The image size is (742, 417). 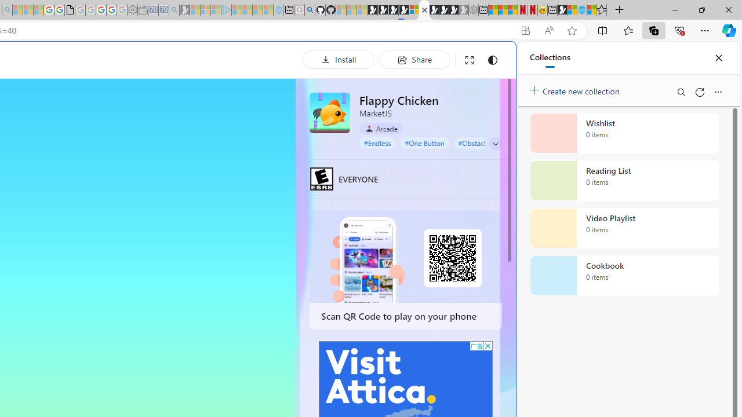 What do you see at coordinates (173, 10) in the screenshot?
I see `'Bing Real Estate - Home sales and rental listings - Sleeping'` at bounding box center [173, 10].